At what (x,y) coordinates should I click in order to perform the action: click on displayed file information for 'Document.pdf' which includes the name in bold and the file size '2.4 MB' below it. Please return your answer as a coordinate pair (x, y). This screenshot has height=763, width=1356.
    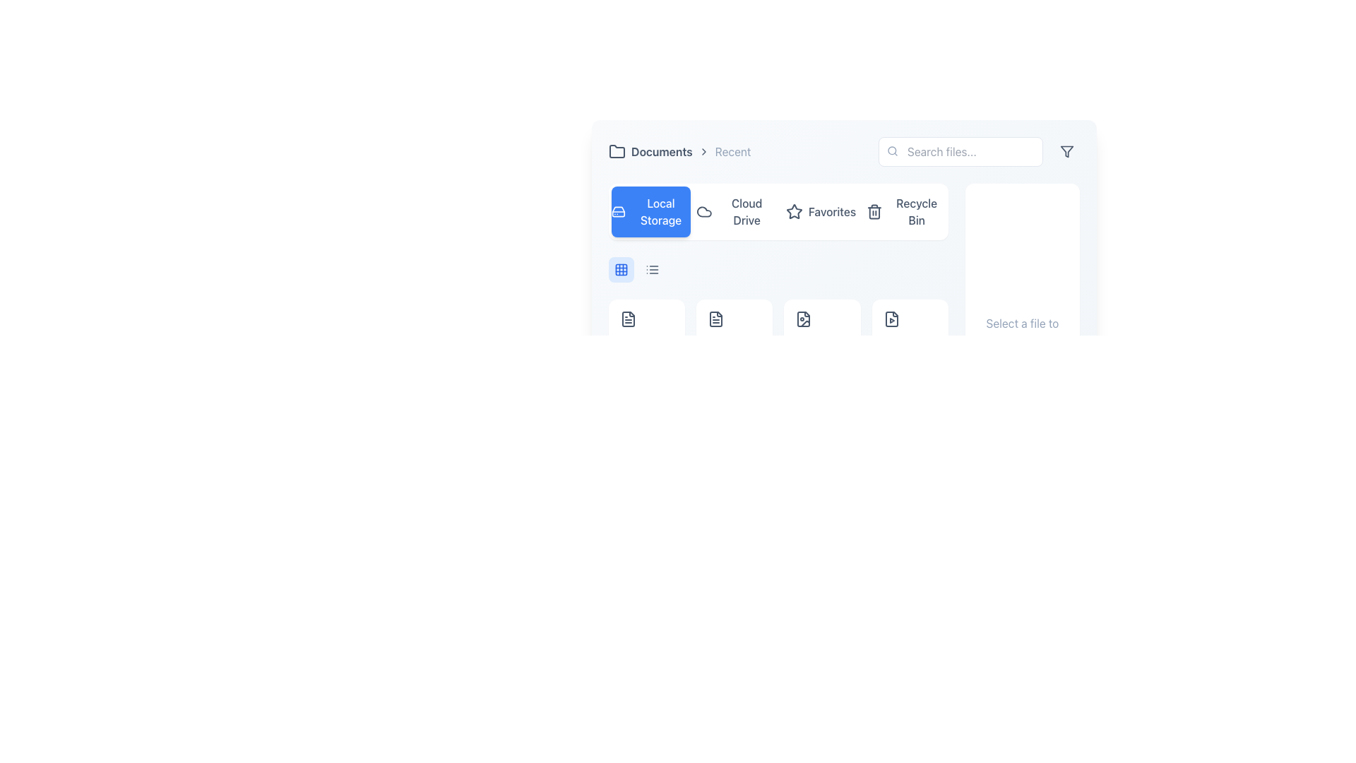
    Looking at the image, I should click on (646, 355).